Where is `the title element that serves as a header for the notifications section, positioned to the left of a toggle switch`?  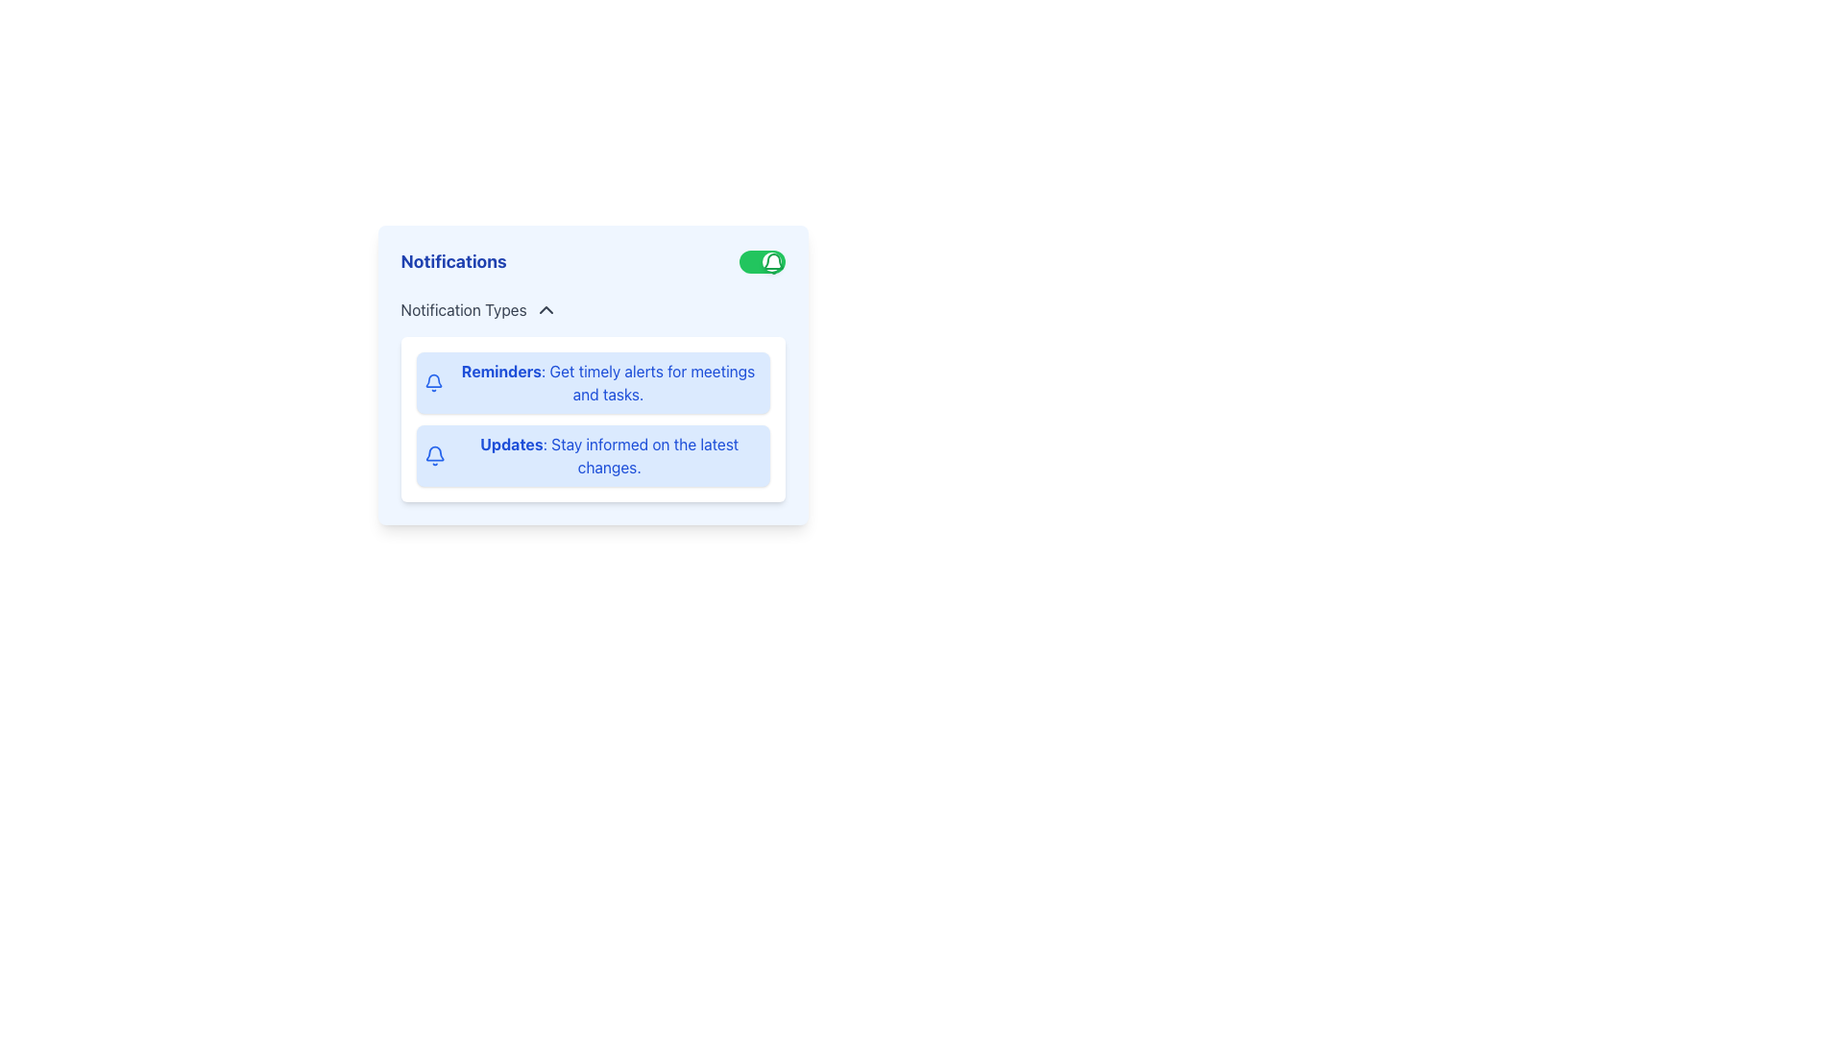 the title element that serves as a header for the notifications section, positioned to the left of a toggle switch is located at coordinates (452, 262).